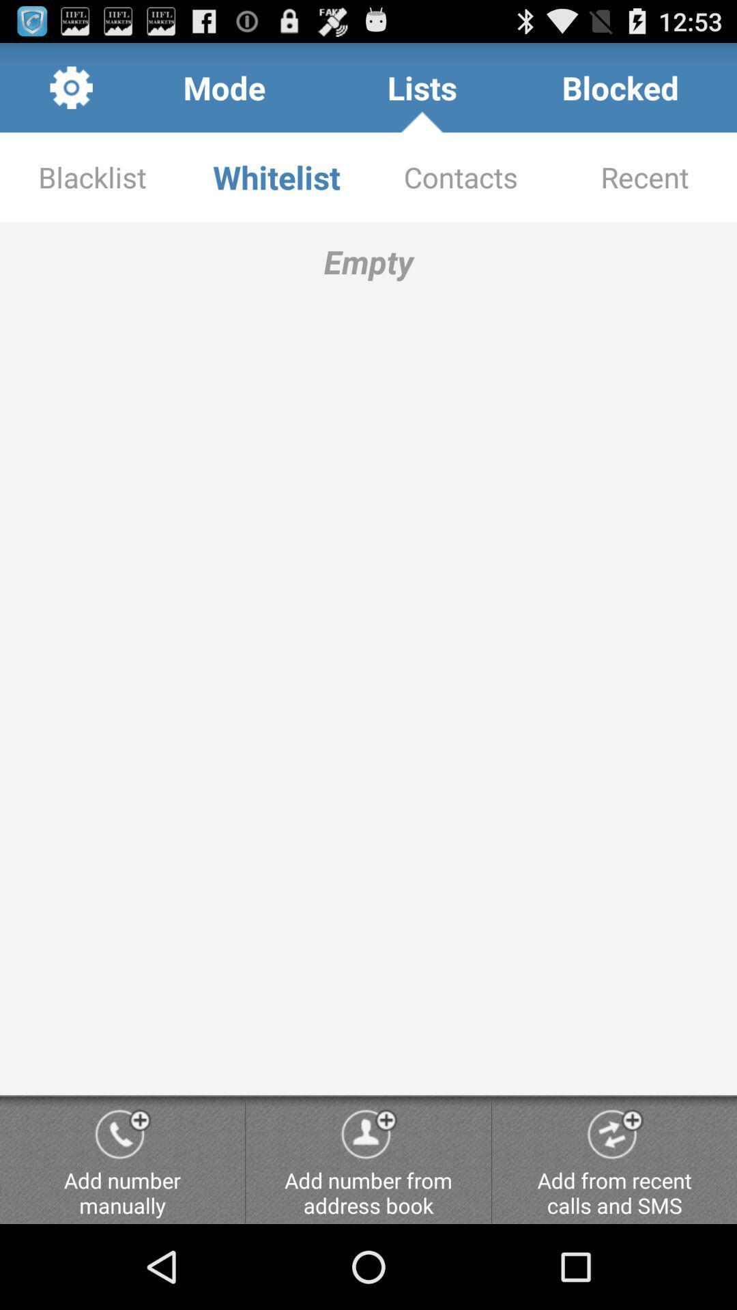  I want to click on item to the right of the blacklist app, so click(276, 176).